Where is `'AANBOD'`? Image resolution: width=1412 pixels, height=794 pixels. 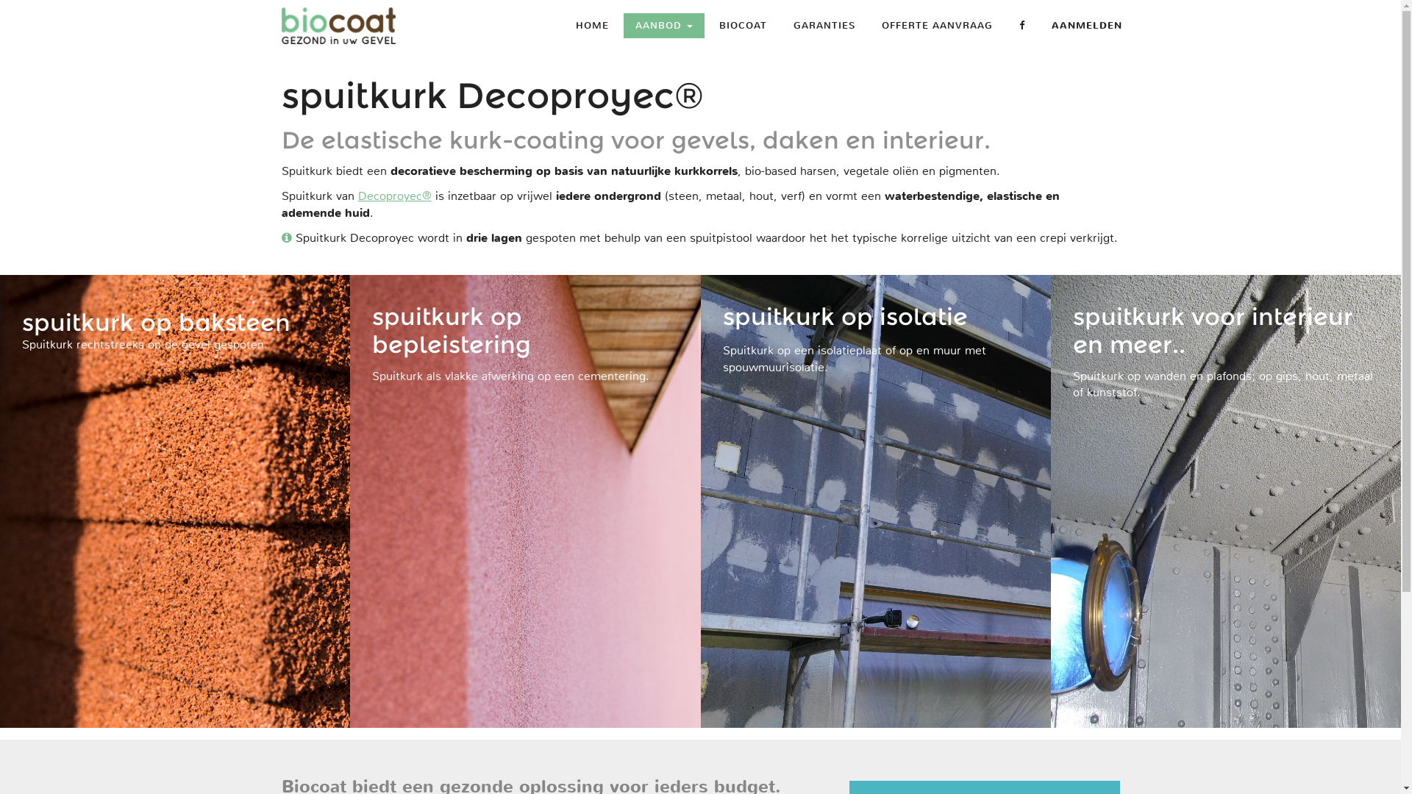
'AANBOD' is located at coordinates (624, 25).